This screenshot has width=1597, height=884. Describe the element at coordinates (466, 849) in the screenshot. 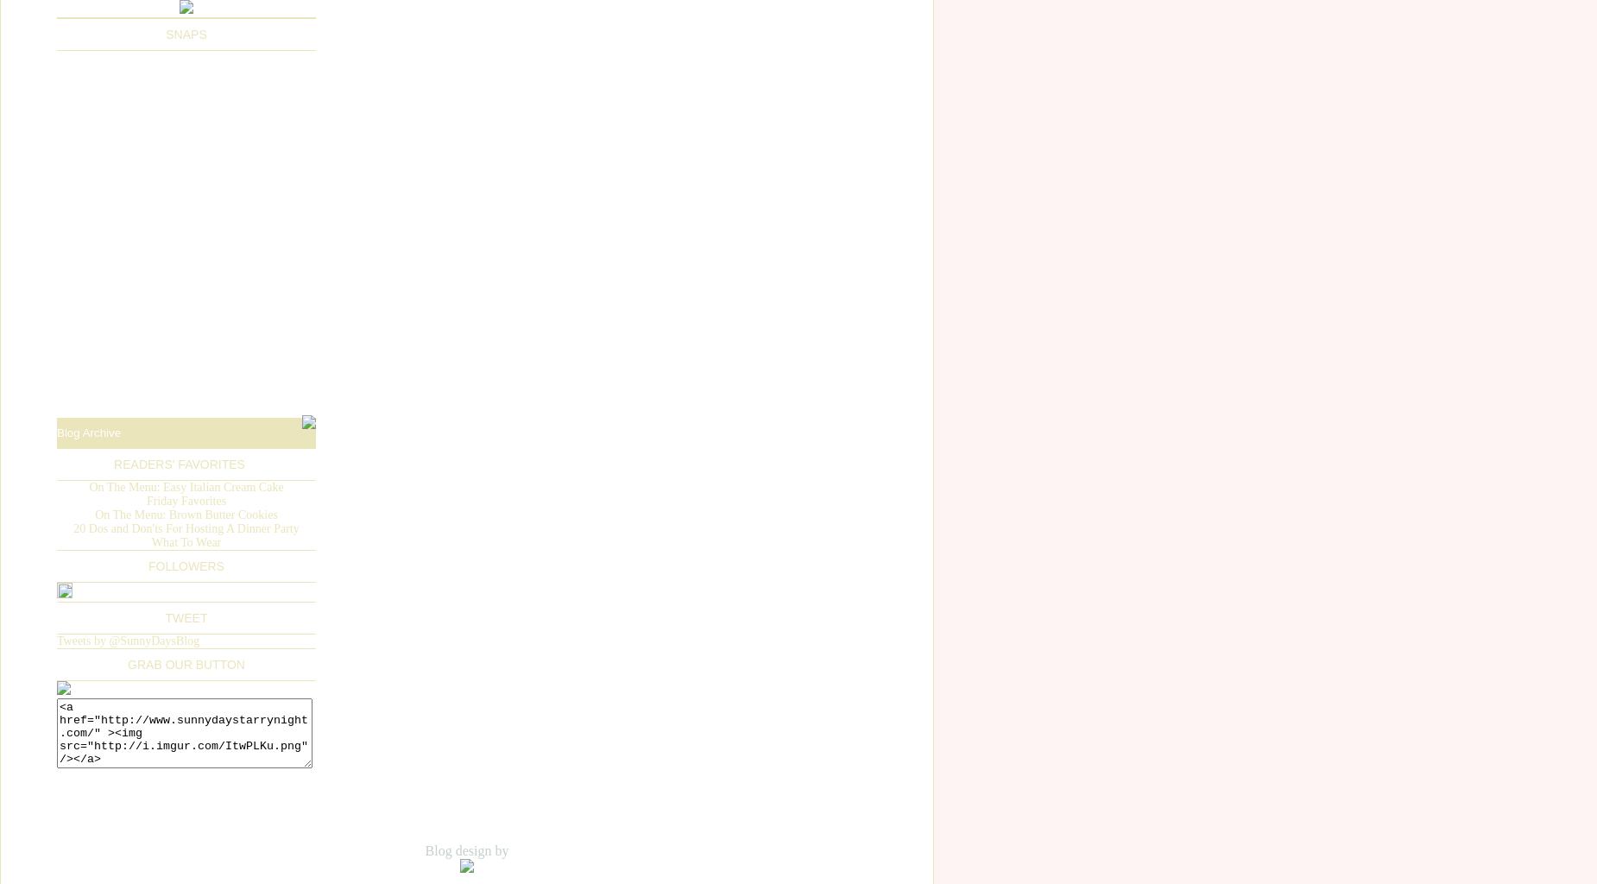

I see `'Blog design by'` at that location.